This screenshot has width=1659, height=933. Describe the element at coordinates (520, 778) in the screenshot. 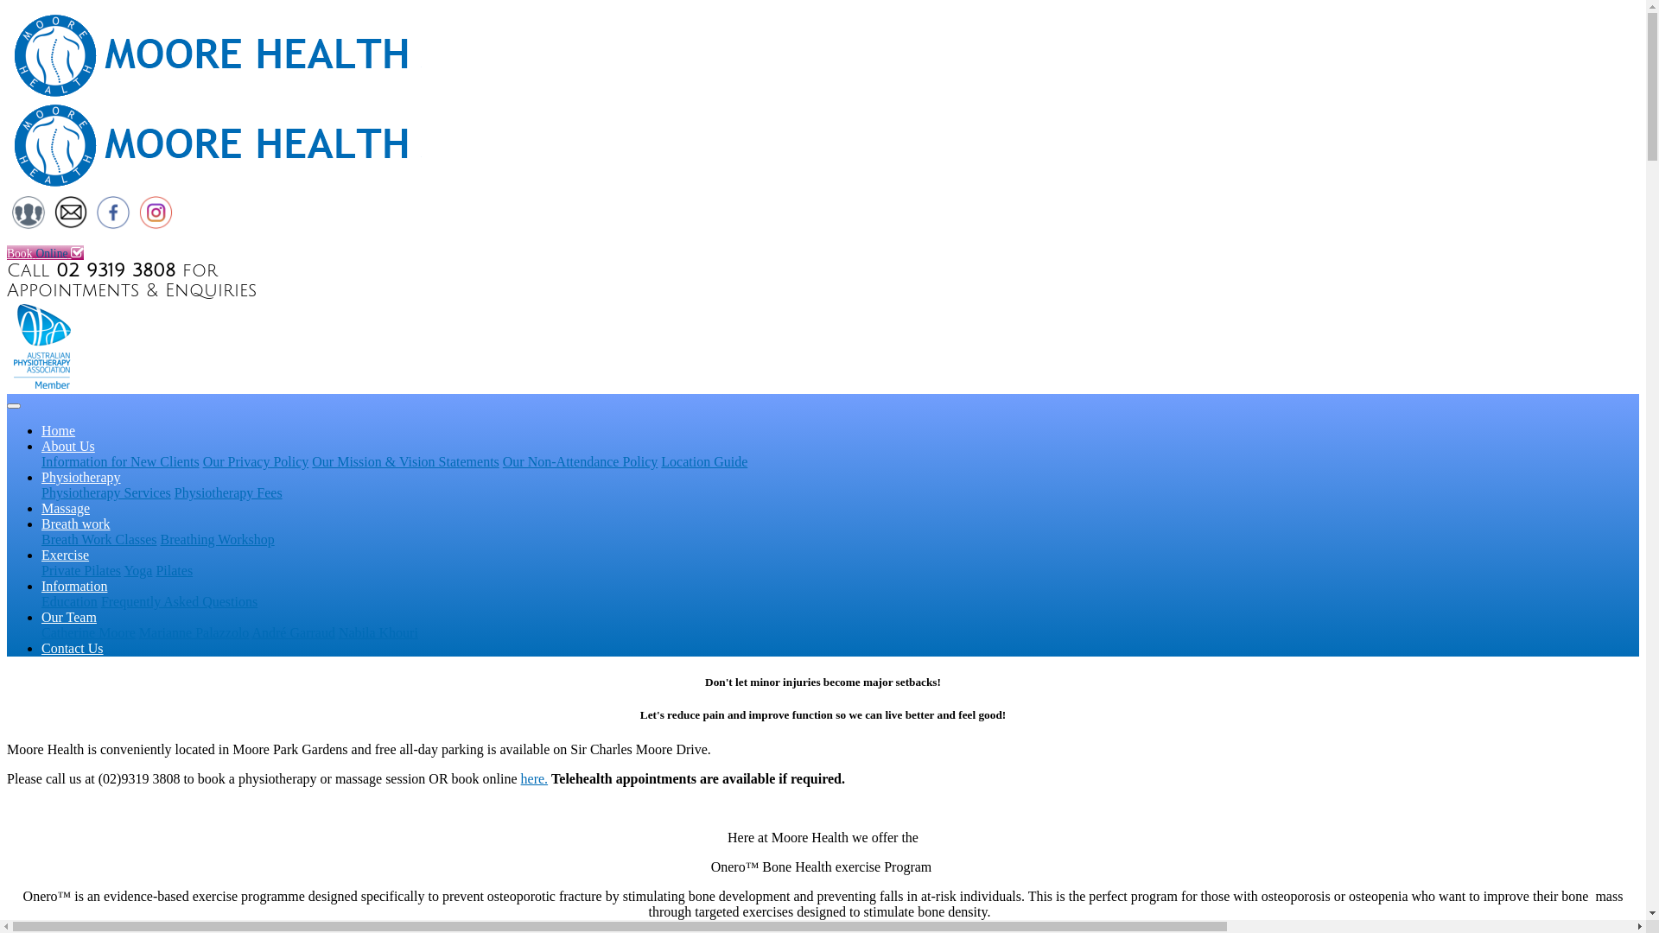

I see `'here.'` at that location.